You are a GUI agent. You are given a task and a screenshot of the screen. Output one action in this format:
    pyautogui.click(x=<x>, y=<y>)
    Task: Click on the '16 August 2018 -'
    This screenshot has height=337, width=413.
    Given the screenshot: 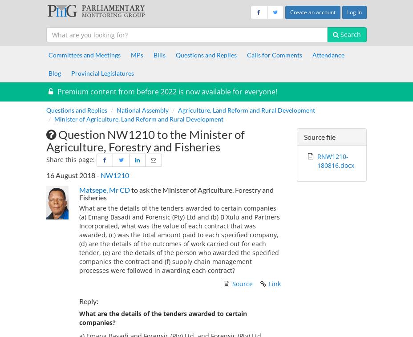 What is the action you would take?
    pyautogui.click(x=73, y=175)
    